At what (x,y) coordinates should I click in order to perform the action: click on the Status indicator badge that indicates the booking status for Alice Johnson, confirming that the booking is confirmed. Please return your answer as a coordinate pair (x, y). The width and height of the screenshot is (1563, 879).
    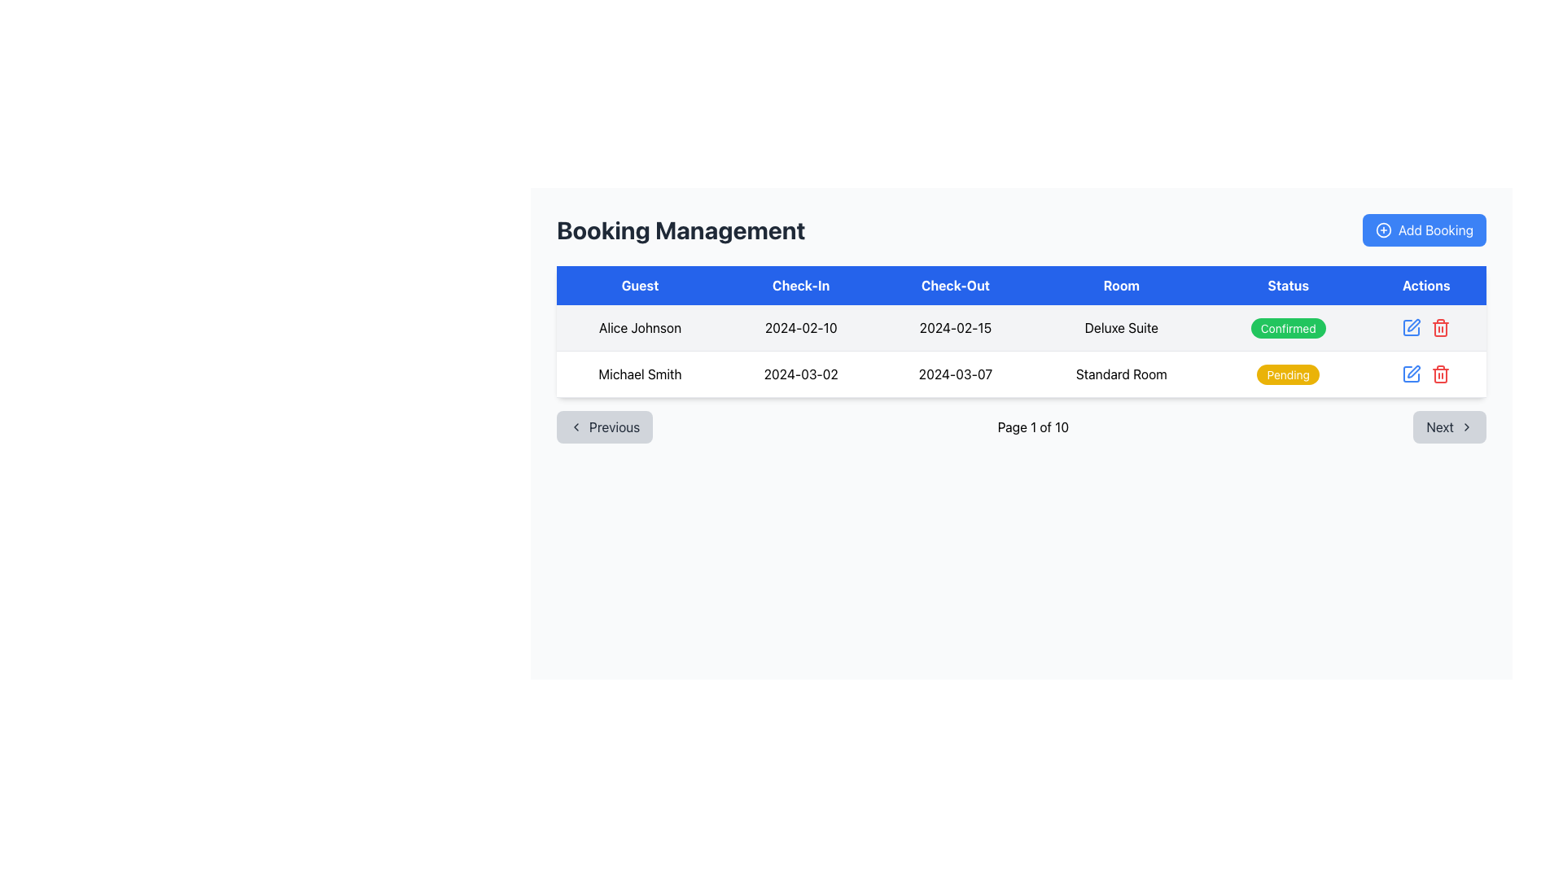
    Looking at the image, I should click on (1287, 328).